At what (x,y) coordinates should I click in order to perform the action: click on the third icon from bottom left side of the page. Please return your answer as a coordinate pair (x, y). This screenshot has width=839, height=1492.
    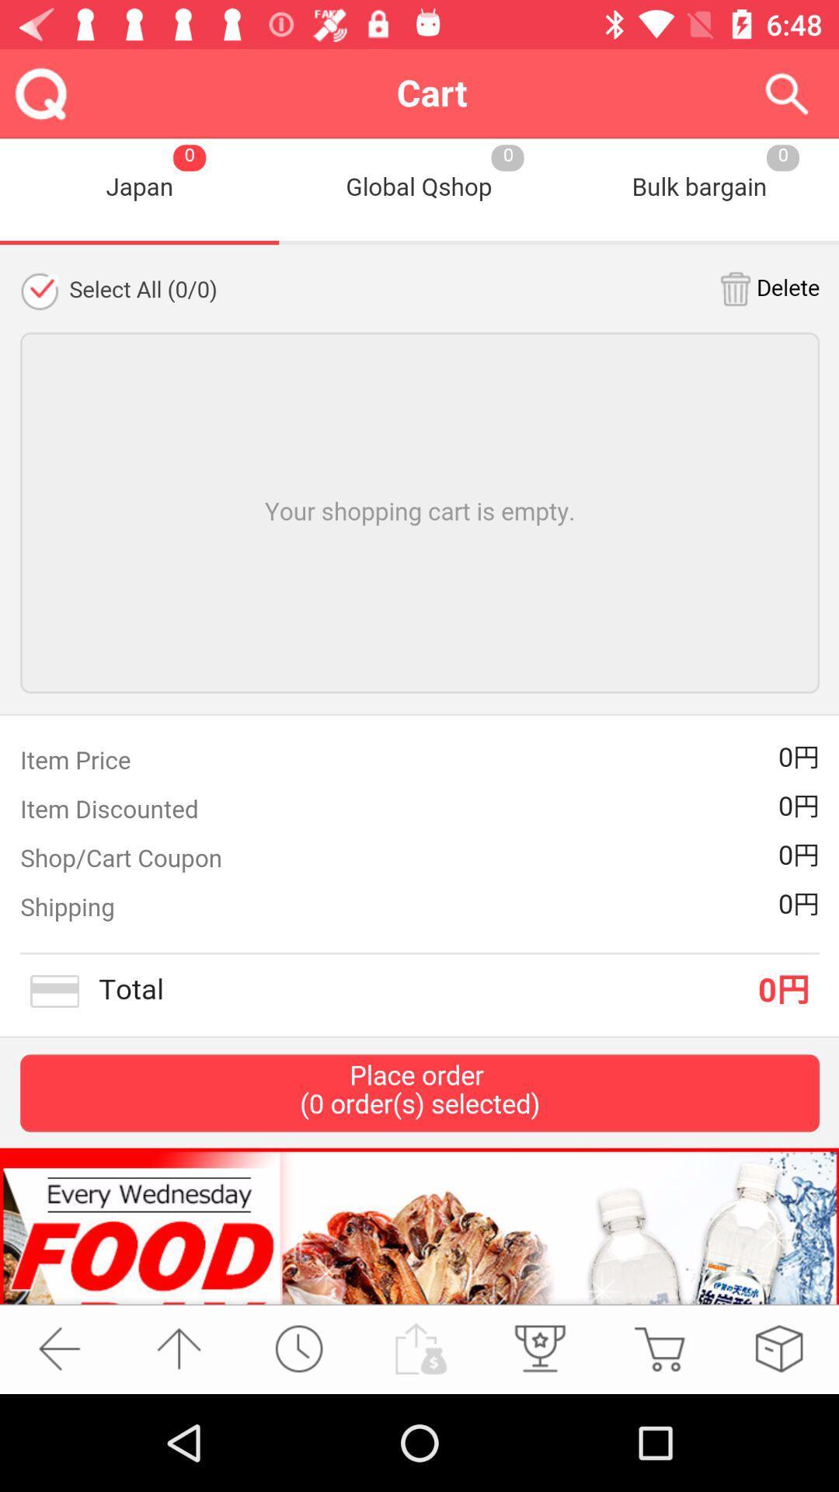
    Looking at the image, I should click on (538, 1348).